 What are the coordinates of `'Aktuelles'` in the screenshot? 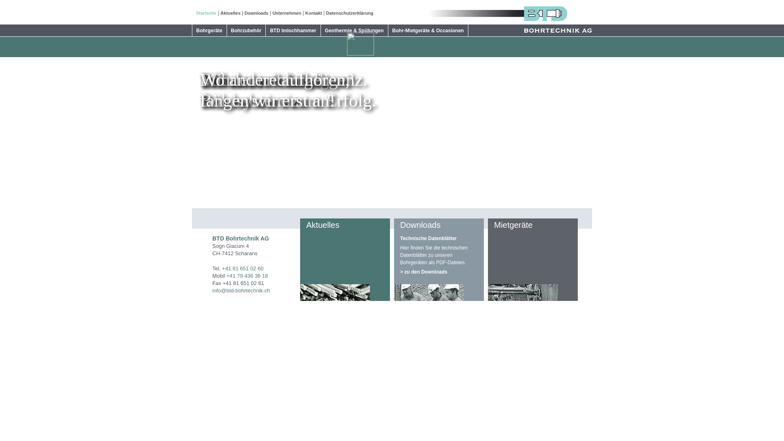 It's located at (230, 13).